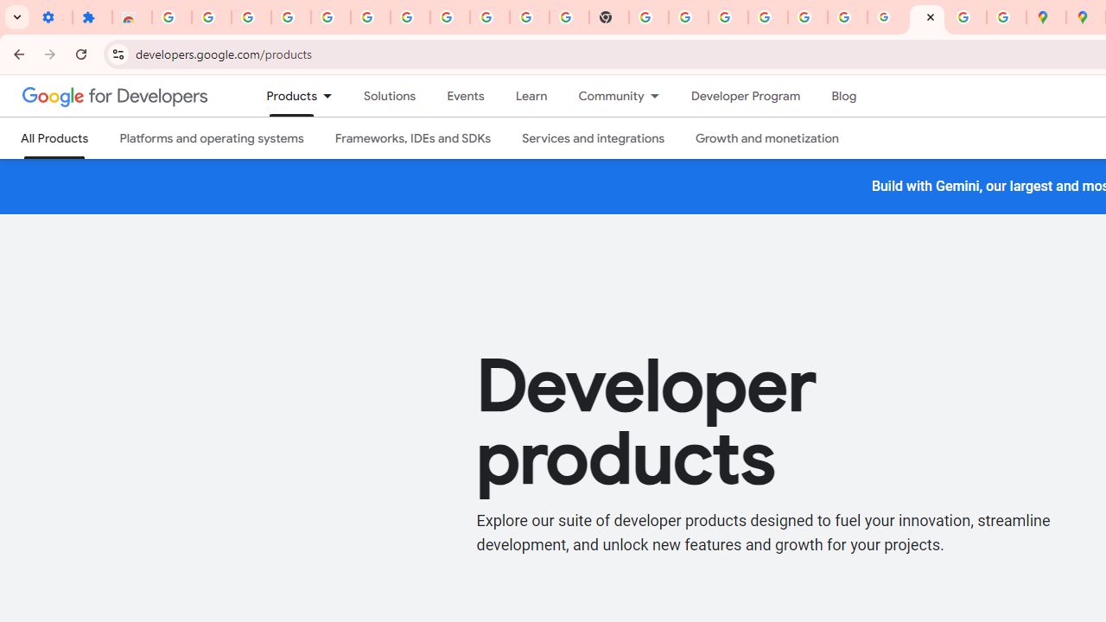 The width and height of the screenshot is (1106, 622). Describe the element at coordinates (114, 95) in the screenshot. I see `'Google for Developers'` at that location.